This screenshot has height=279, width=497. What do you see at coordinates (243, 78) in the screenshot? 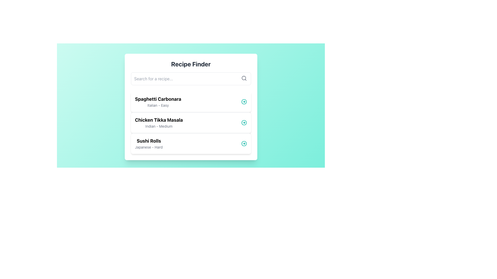
I see `the circular component of the search icon, which visually represents the lens of a magnifying glass and enhances the user's understanding of the adjacent input field labeled 'Search for a recipe...'` at bounding box center [243, 78].